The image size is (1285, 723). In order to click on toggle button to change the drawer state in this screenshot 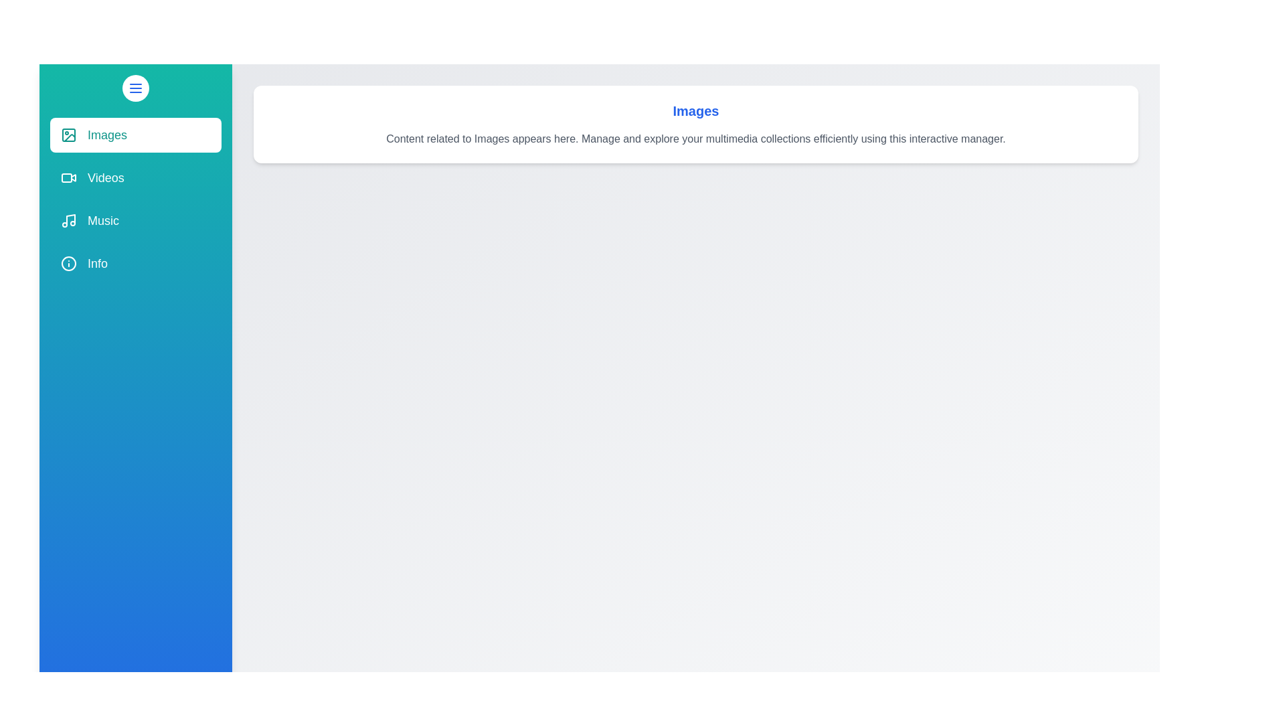, I will do `click(135, 88)`.